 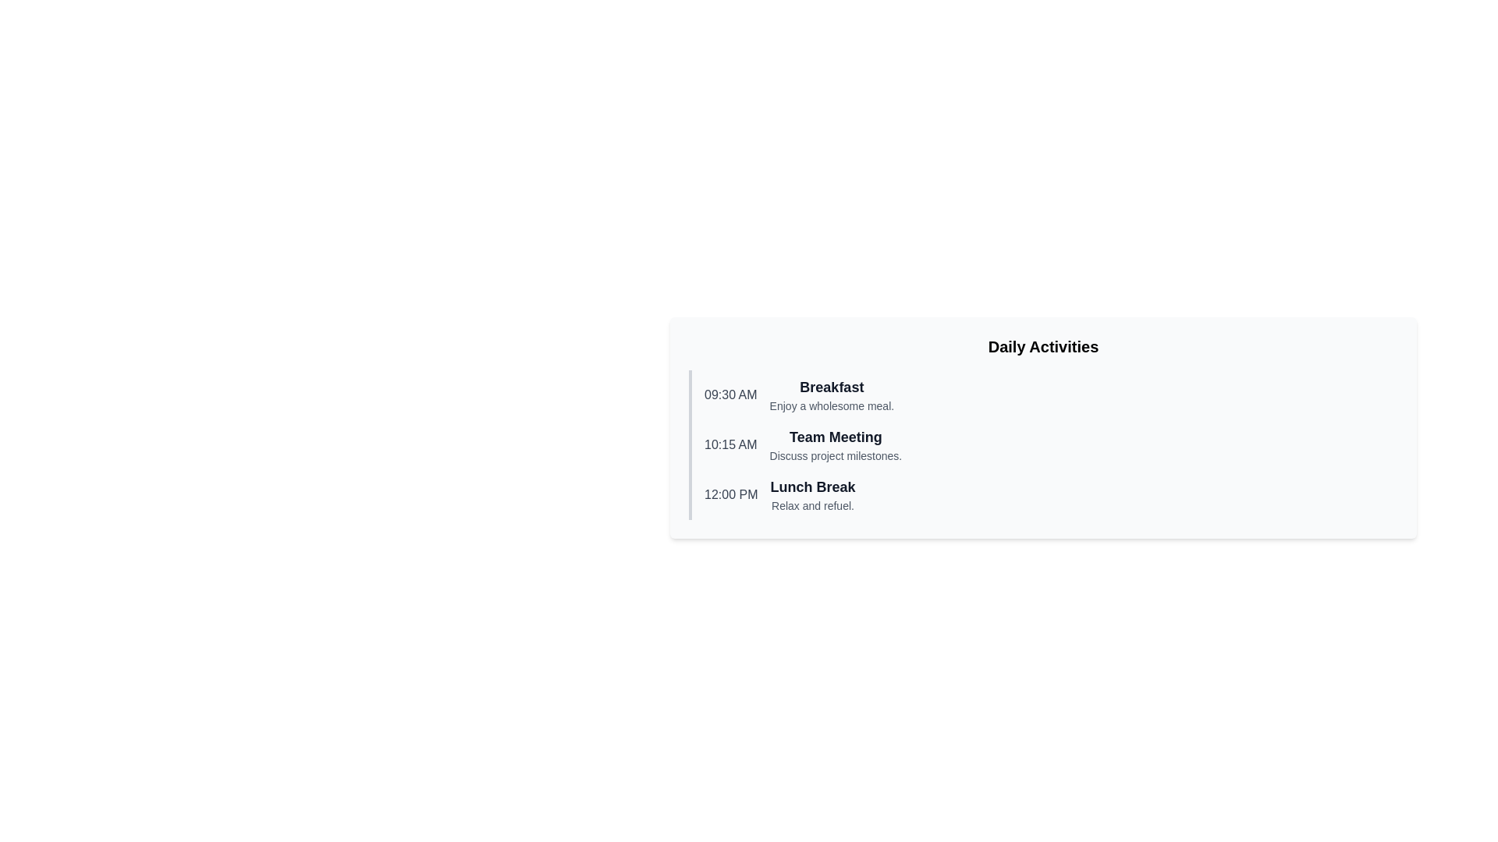 What do you see at coordinates (730, 495) in the screenshot?
I see `time information displayed for the 'Lunch Break' event, which is located in the third row of the list, aligned on the left edge` at bounding box center [730, 495].